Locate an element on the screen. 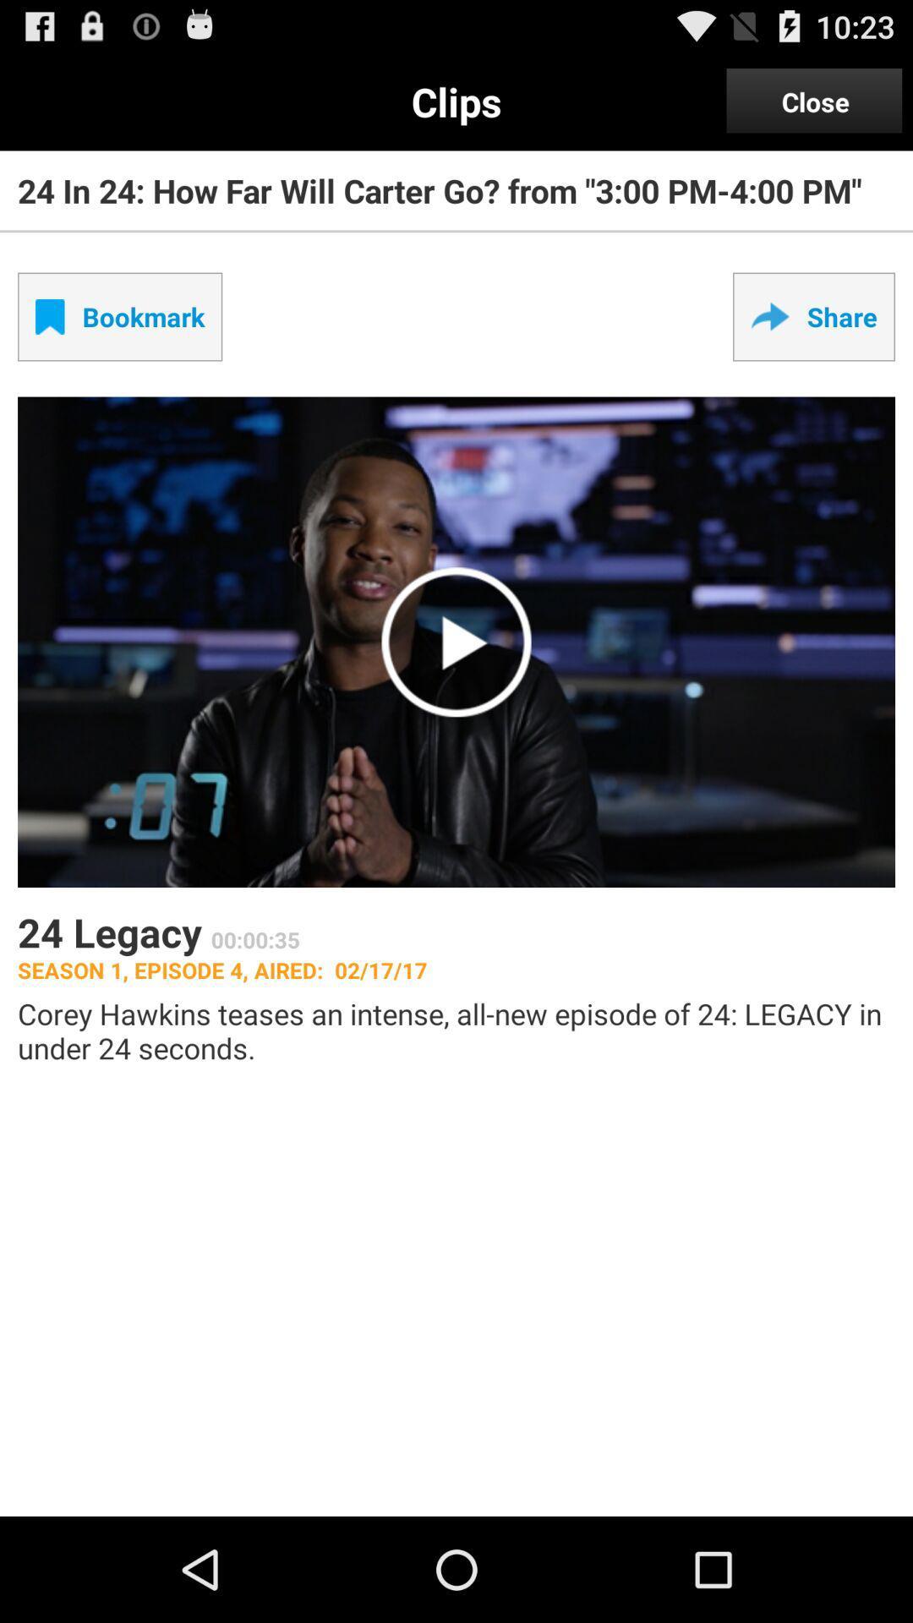 This screenshot has width=913, height=1623. the checkbox next to share item is located at coordinates (119, 316).